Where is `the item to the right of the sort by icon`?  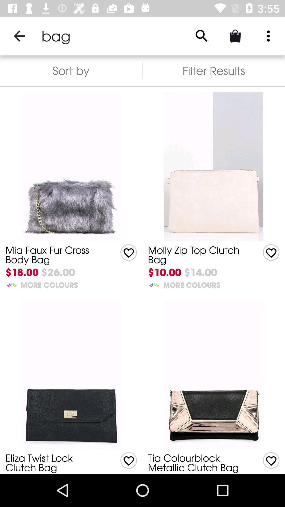
the item to the right of the sort by icon is located at coordinates (214, 70).